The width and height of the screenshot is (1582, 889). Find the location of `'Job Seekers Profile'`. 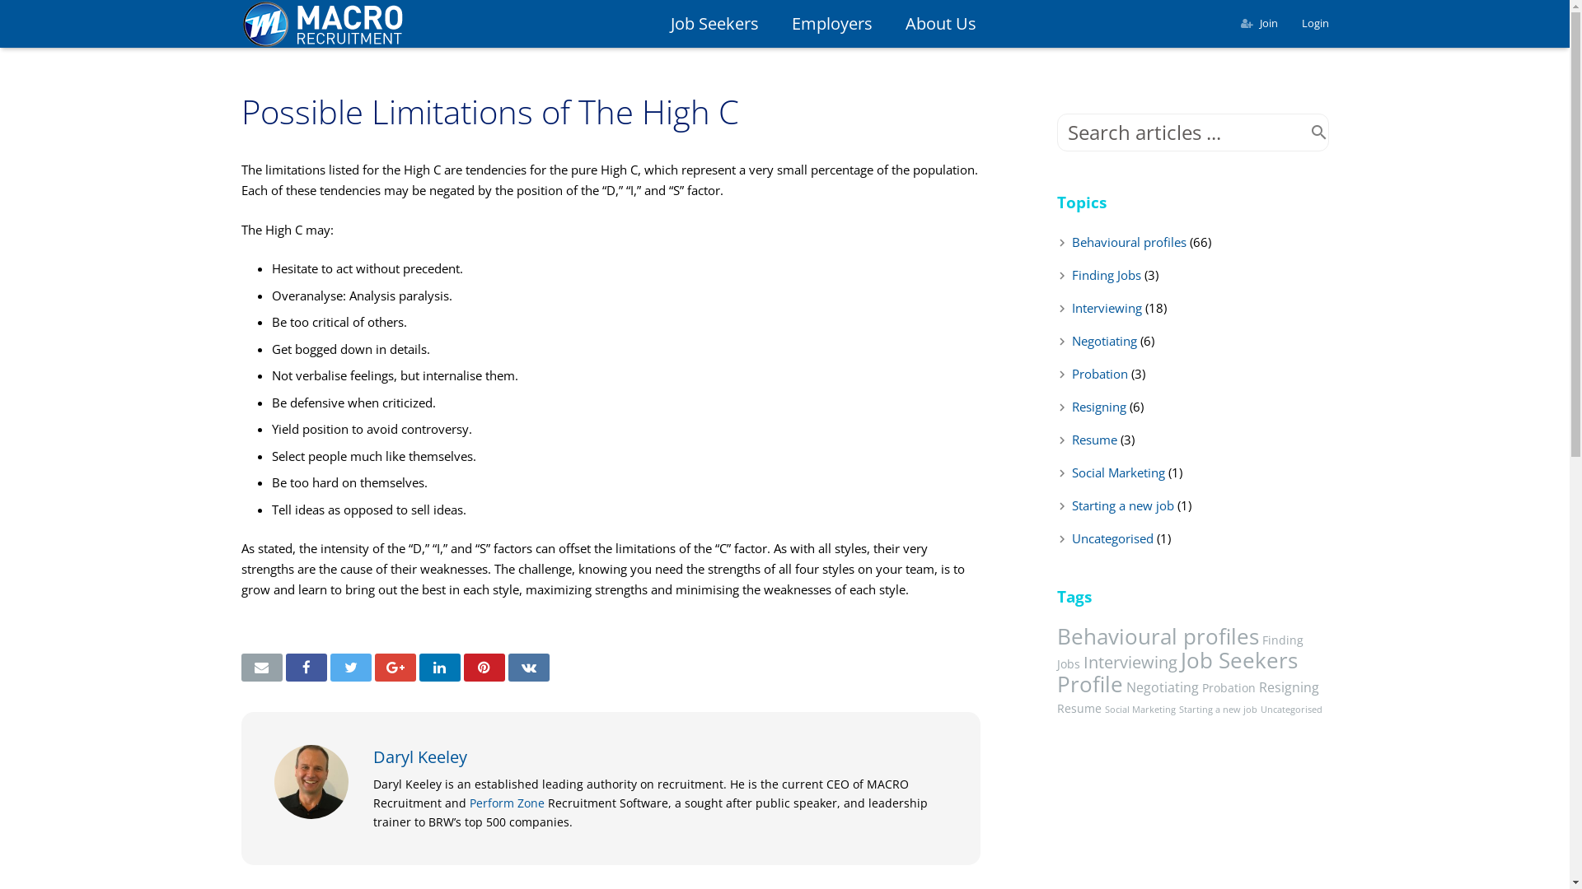

'Job Seekers Profile' is located at coordinates (1176, 672).